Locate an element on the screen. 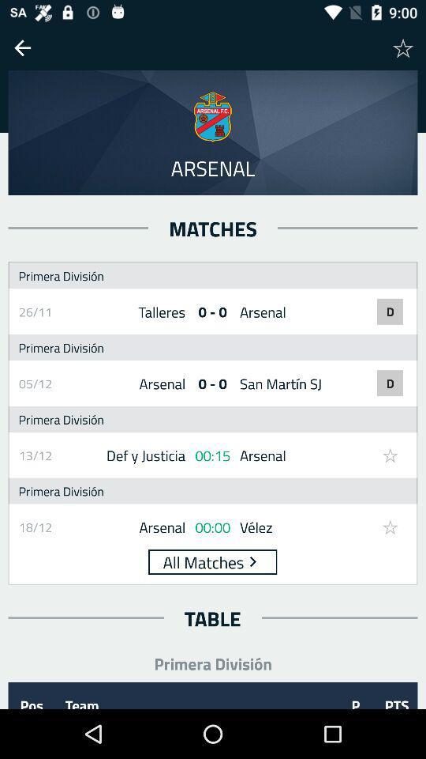 The width and height of the screenshot is (426, 759). item at the top right corner is located at coordinates (403, 47).